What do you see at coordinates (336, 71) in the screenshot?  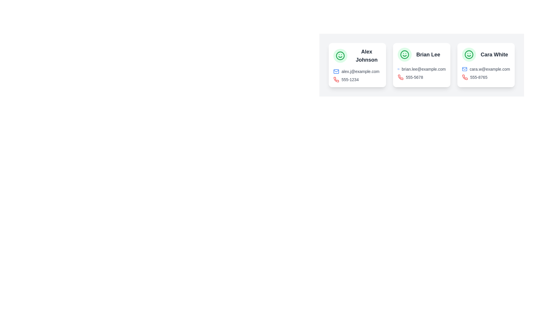 I see `the graphic element representing the mail envelope icon for Alex Johnson` at bounding box center [336, 71].